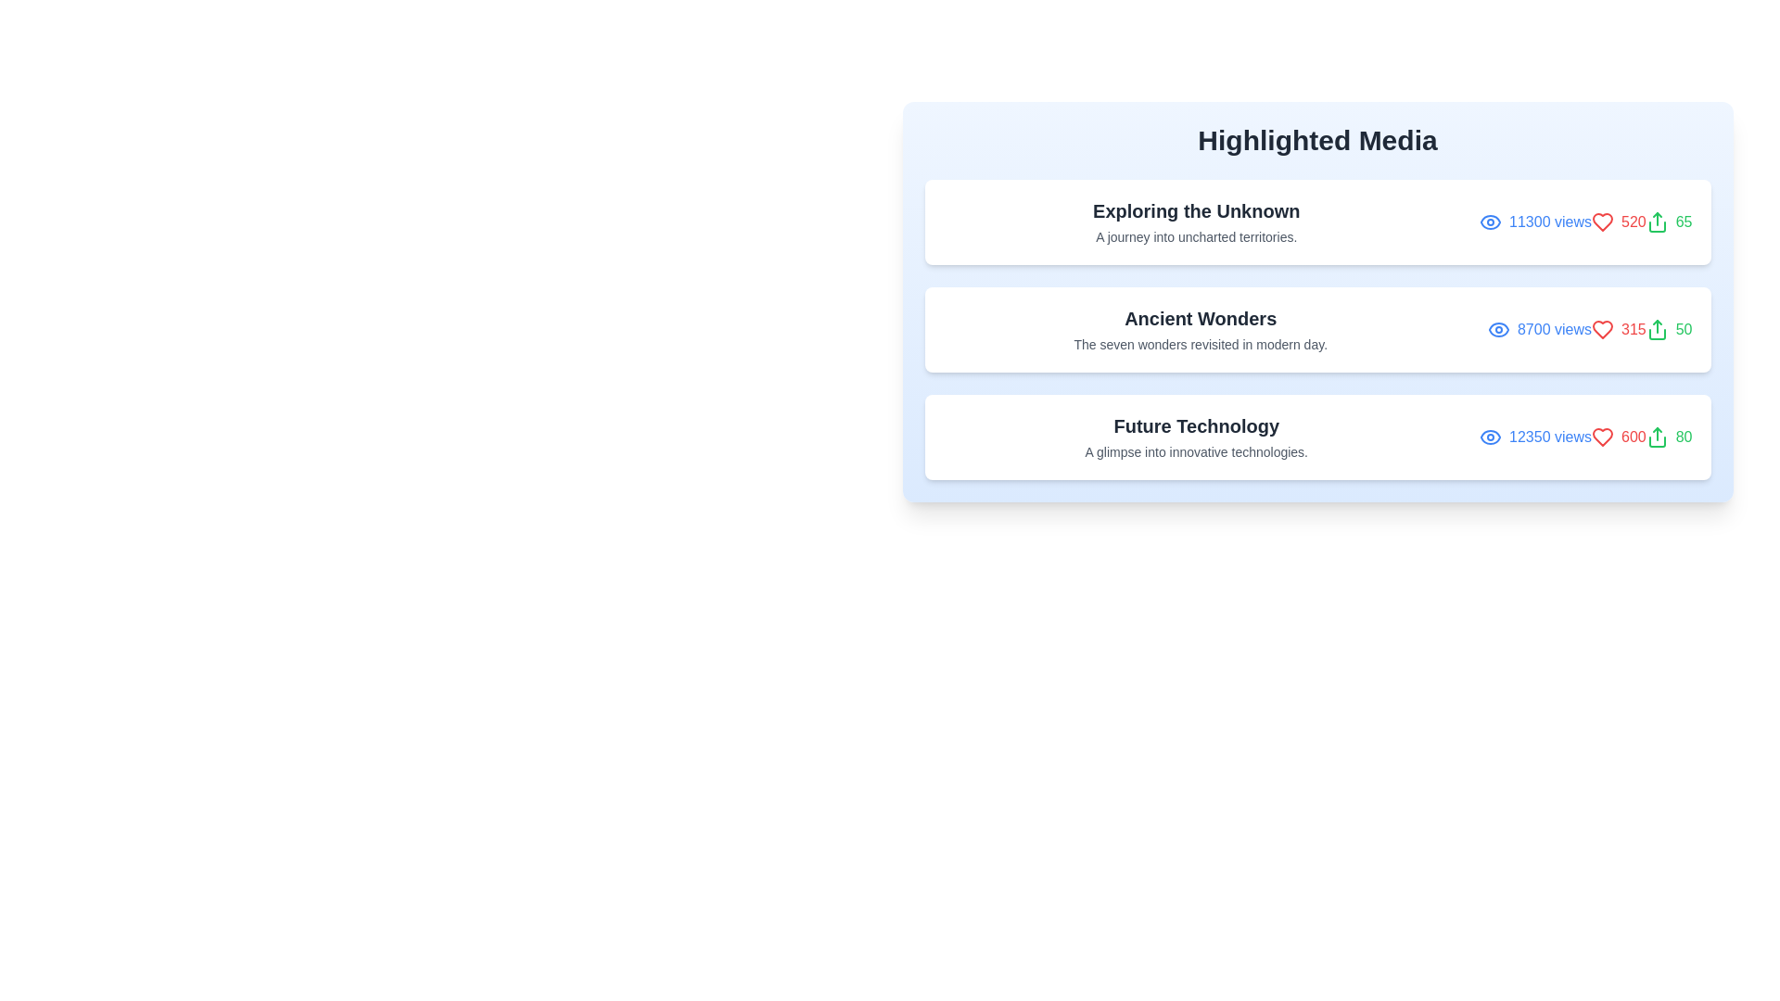 The height and width of the screenshot is (1001, 1780). Describe the element at coordinates (1196, 437) in the screenshot. I see `the description of the media item 'Future Technology'` at that location.